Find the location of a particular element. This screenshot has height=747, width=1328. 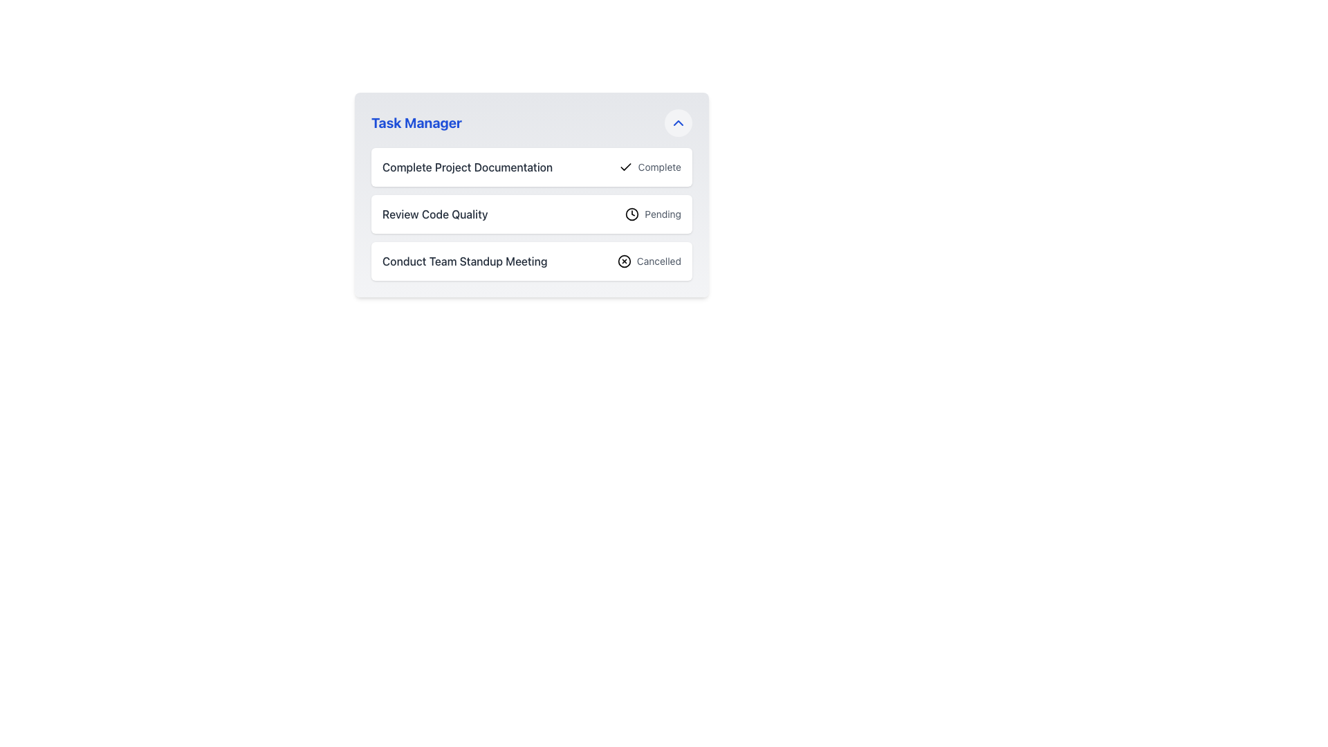

the text label indicating 'Pending' status is located at coordinates (662, 214).